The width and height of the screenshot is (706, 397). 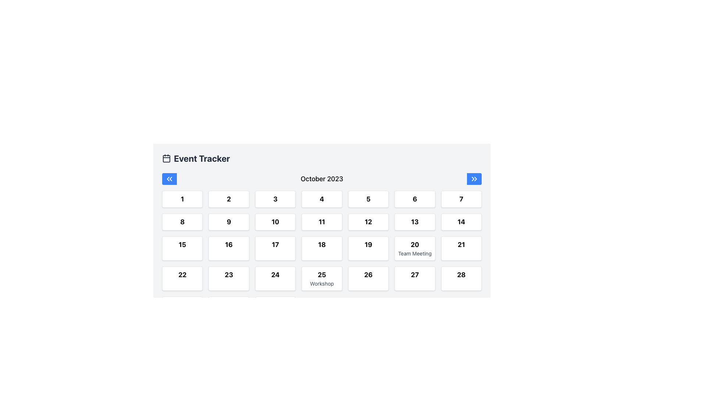 What do you see at coordinates (182, 222) in the screenshot?
I see `the bold, black numeral '8' text label in the second row, first column of the 'Event Tracker' calendar grid` at bounding box center [182, 222].